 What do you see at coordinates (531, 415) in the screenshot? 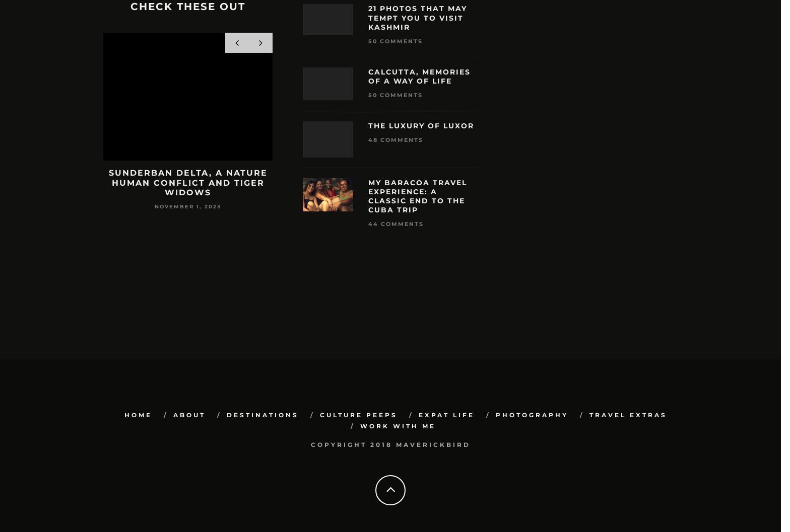
I see `'Photography'` at bounding box center [531, 415].